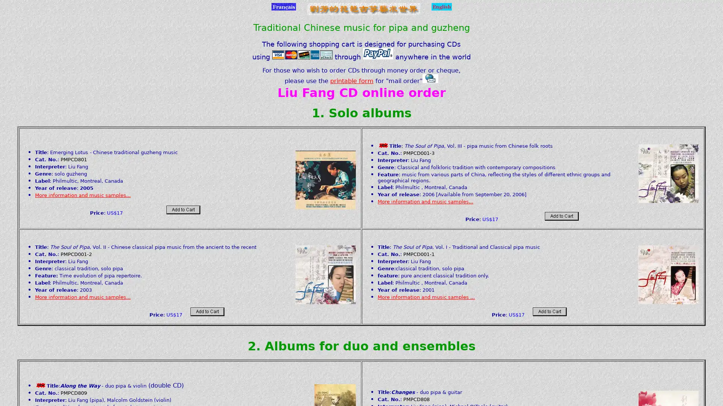 The width and height of the screenshot is (723, 406). I want to click on Add to card: Make payments with PayPal - it's fast, free and secure!, so click(207, 312).